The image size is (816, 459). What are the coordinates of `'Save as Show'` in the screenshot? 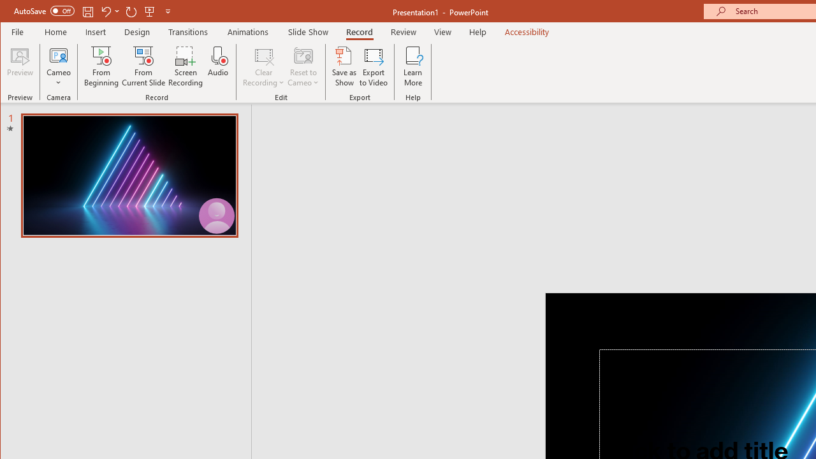 It's located at (344, 66).